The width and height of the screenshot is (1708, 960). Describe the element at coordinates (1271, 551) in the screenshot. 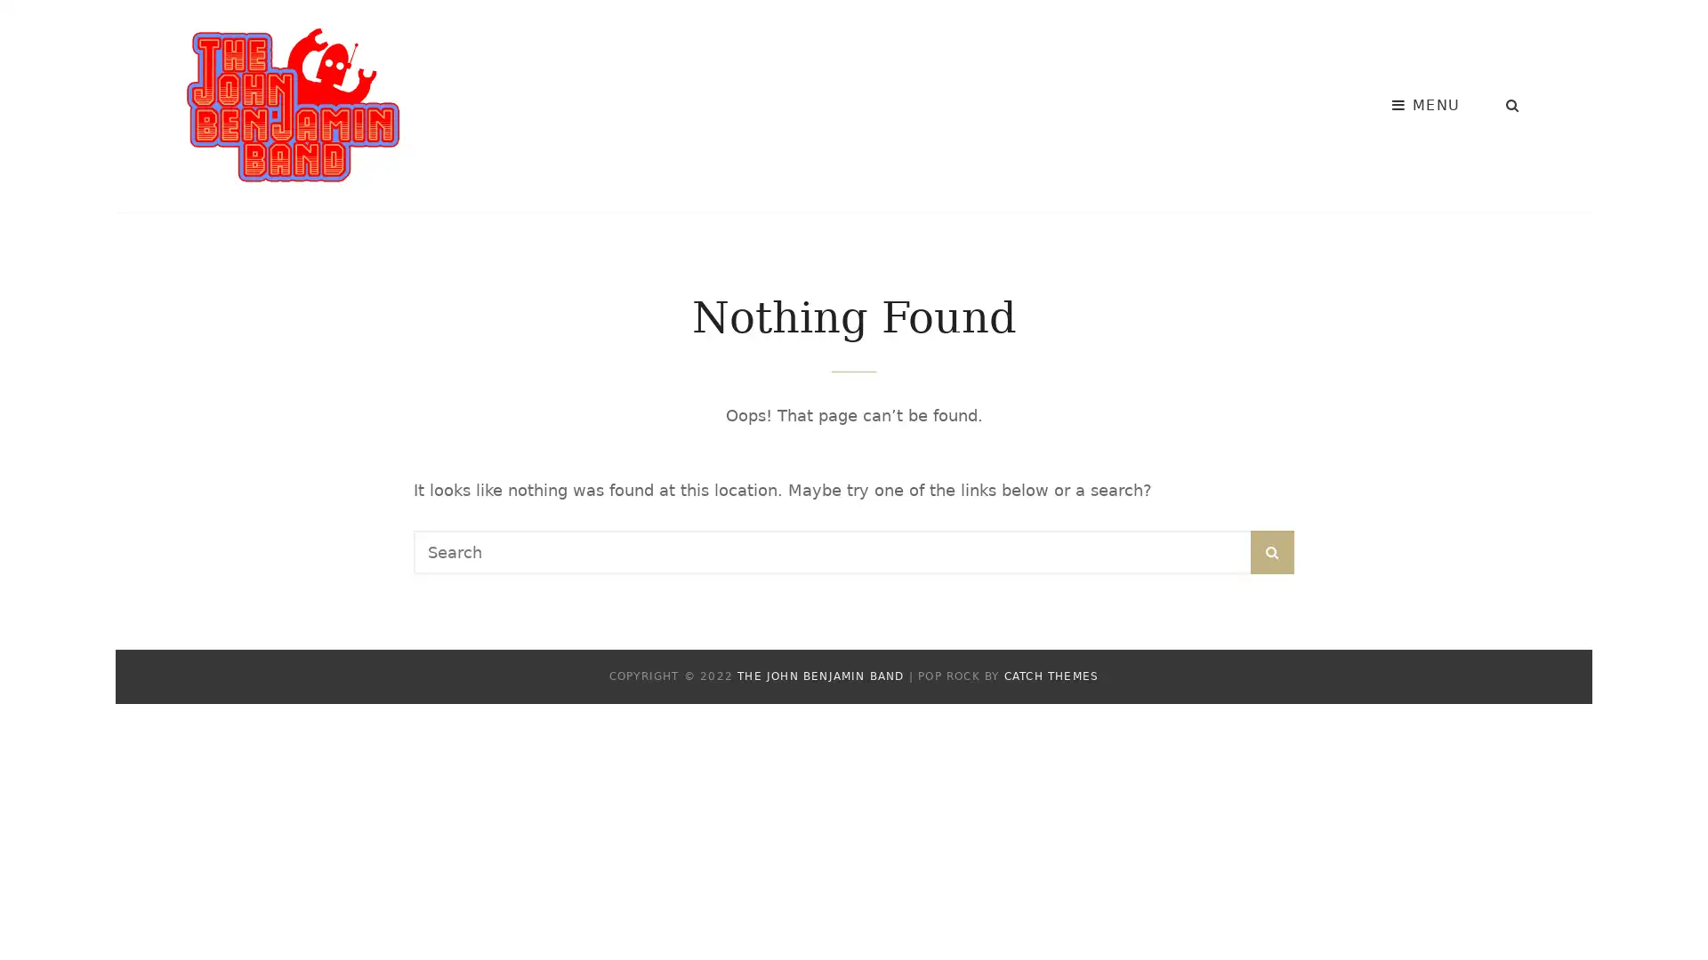

I see `SEARCH` at that location.